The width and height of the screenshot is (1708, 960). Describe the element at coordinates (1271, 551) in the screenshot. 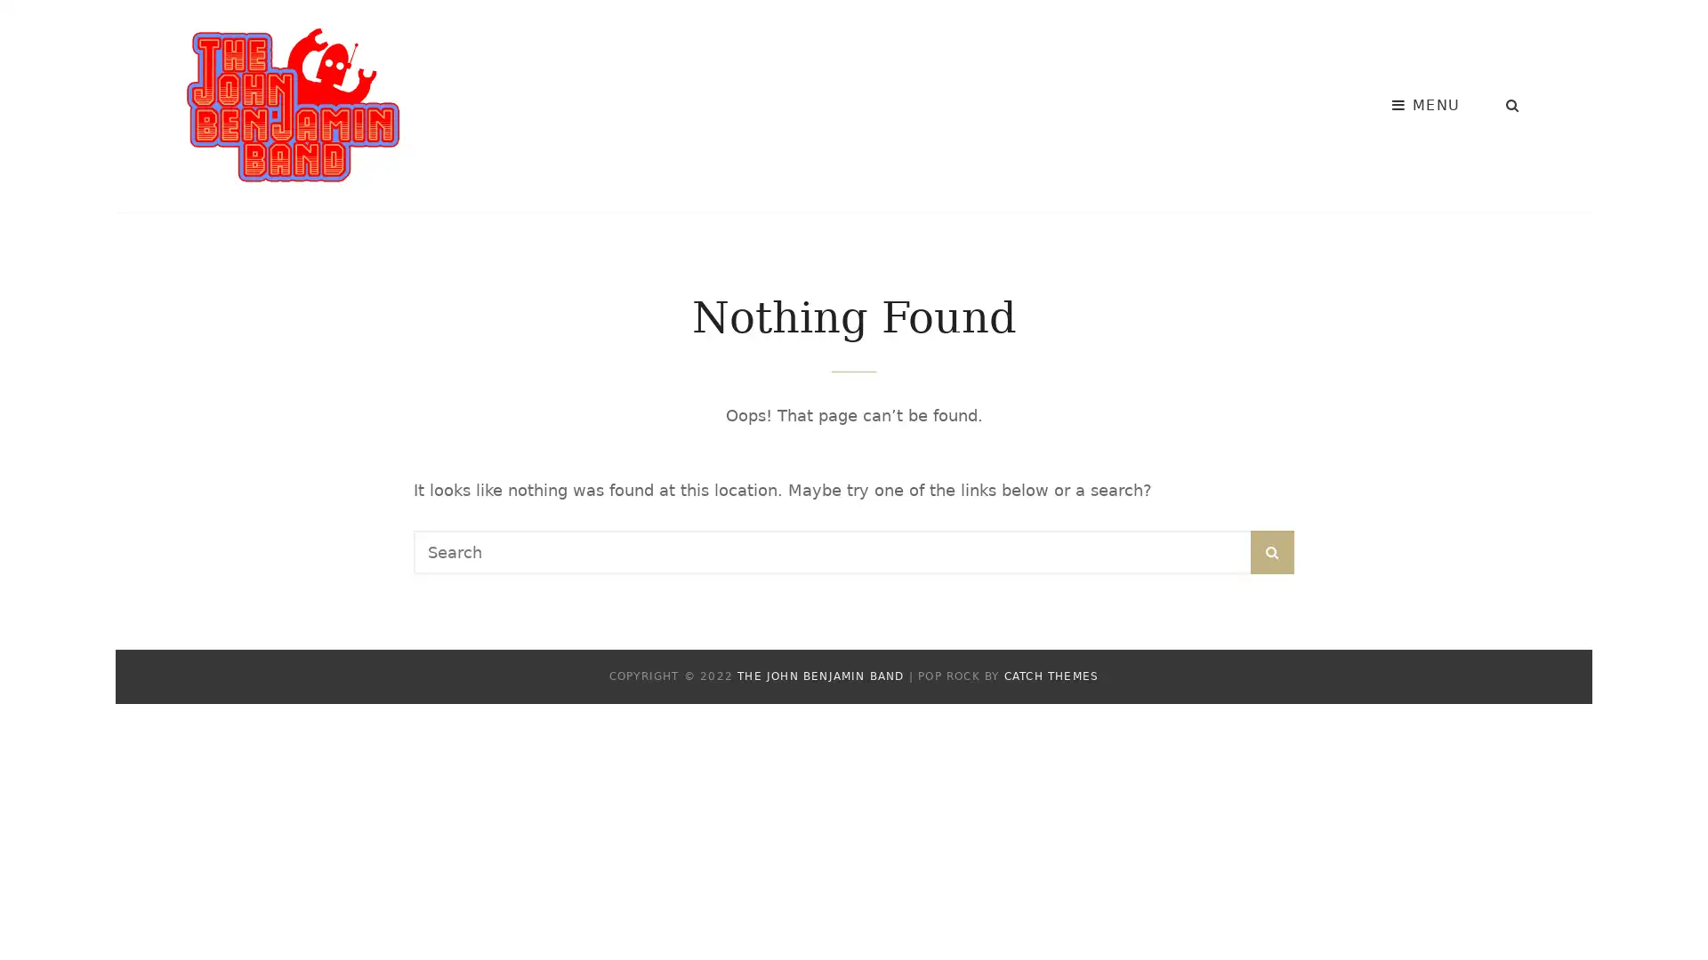

I see `SEARCH` at that location.